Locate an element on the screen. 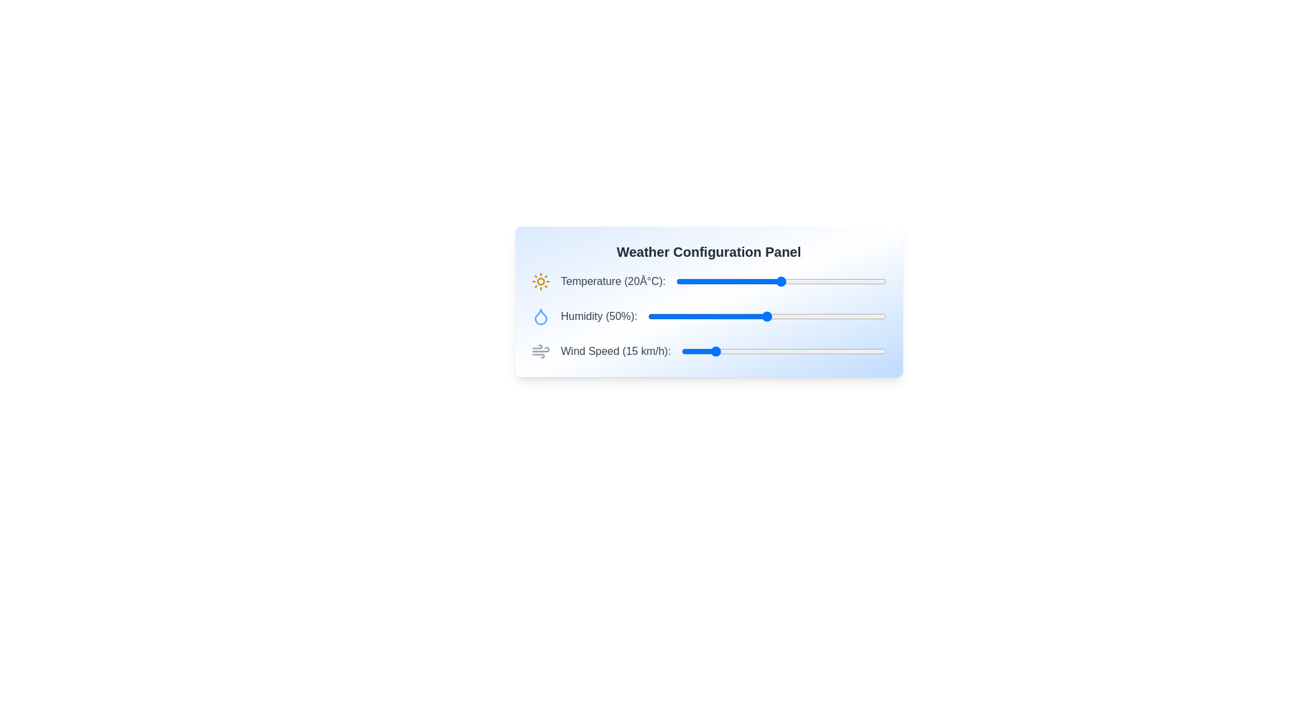 Image resolution: width=1292 pixels, height=726 pixels. the sun icon for visual inspection is located at coordinates (540, 281).